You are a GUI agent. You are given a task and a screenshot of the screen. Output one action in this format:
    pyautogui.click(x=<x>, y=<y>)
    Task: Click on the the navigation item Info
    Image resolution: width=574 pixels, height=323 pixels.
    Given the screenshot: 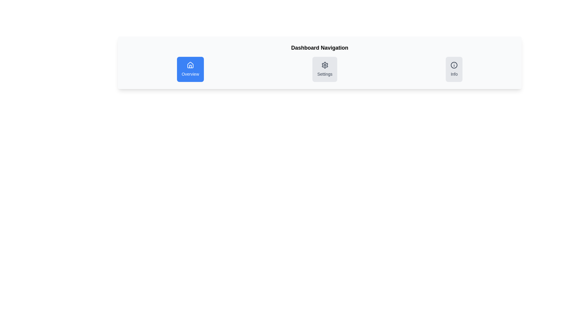 What is the action you would take?
    pyautogui.click(x=454, y=69)
    